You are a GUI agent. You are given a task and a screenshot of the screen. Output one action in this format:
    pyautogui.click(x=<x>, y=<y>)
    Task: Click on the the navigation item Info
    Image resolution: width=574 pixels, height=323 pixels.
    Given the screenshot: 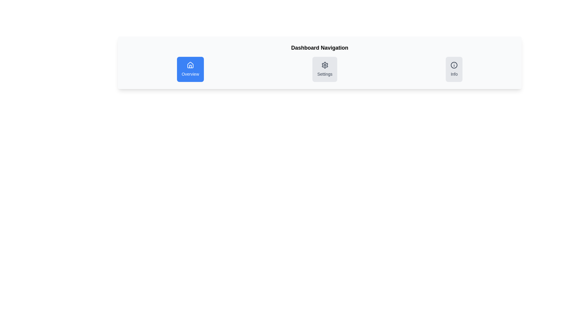 What is the action you would take?
    pyautogui.click(x=454, y=69)
    